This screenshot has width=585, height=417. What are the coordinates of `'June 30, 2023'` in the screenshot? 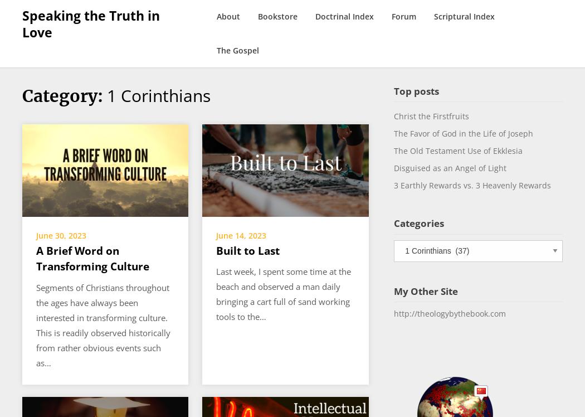 It's located at (61, 235).